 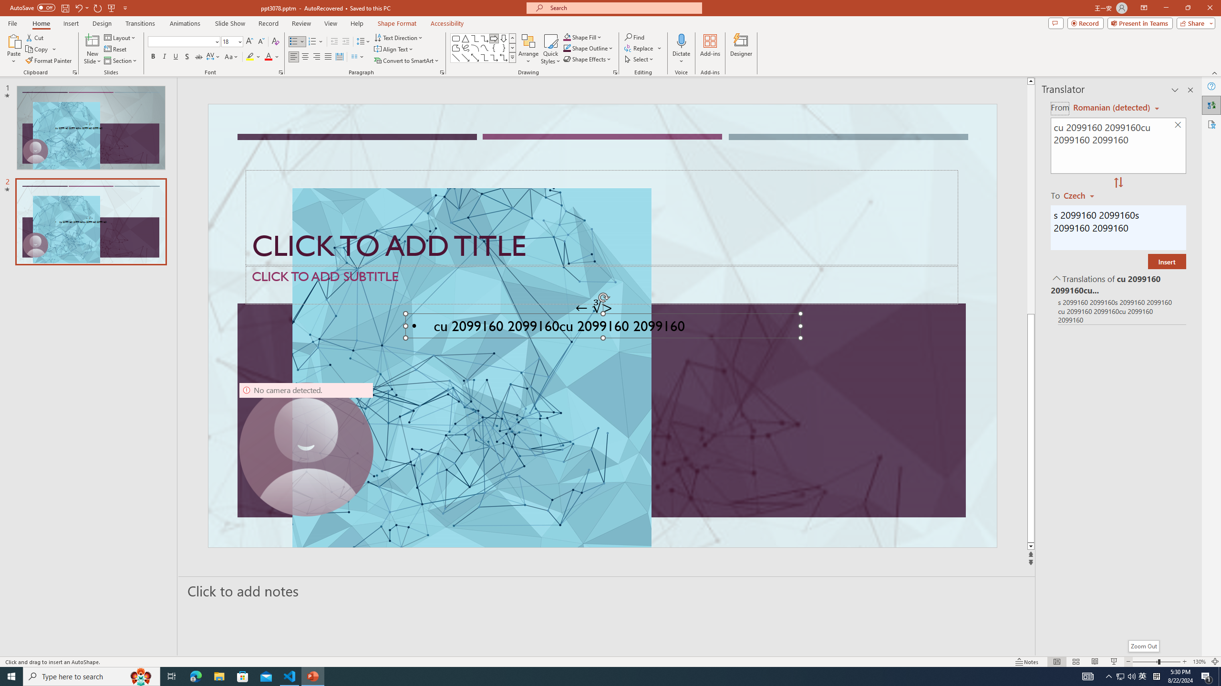 I want to click on 'Connector: Elbow Double-Arrow', so click(x=503, y=57).